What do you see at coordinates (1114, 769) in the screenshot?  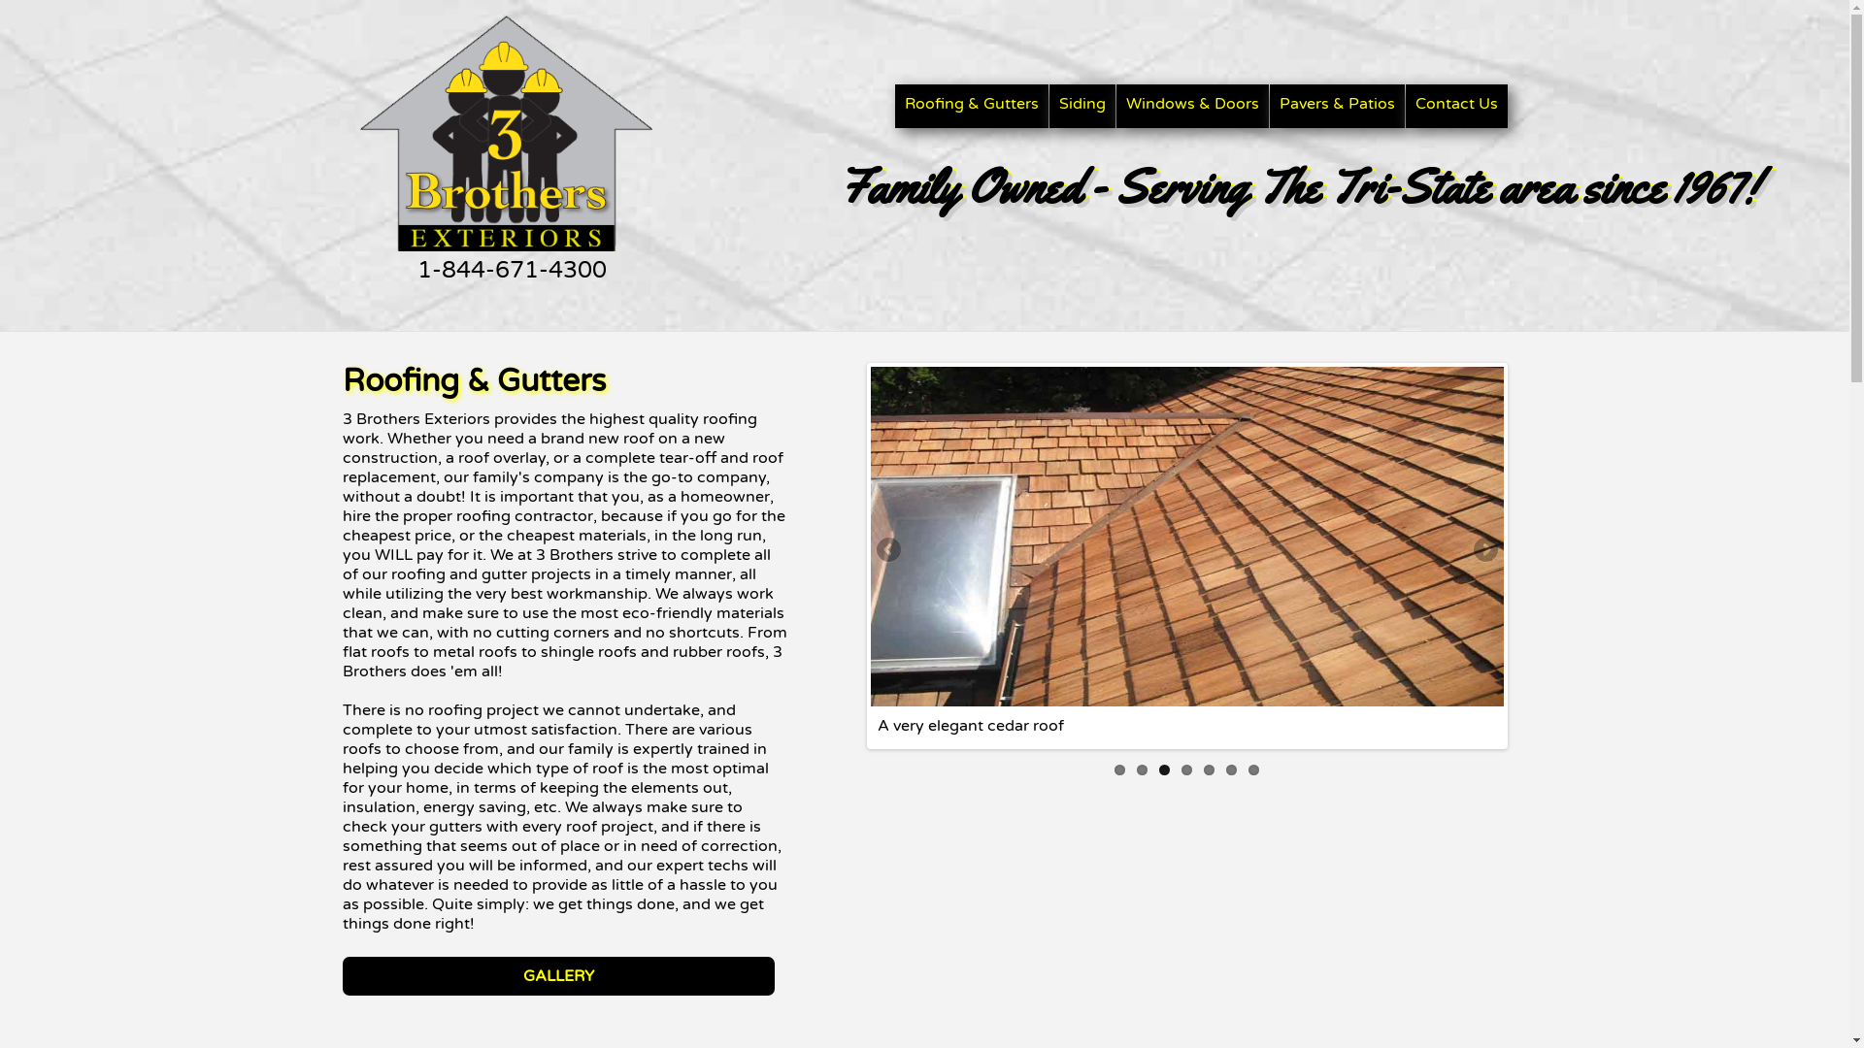 I see `'1'` at bounding box center [1114, 769].